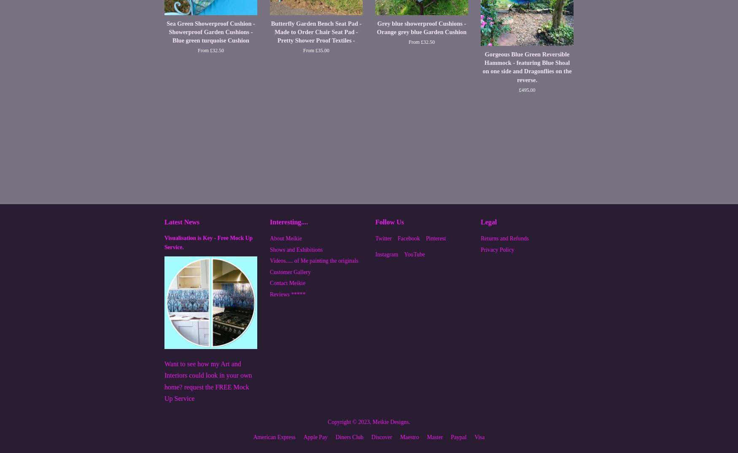 This screenshot has height=453, width=738. What do you see at coordinates (315, 437) in the screenshot?
I see `'apple pay'` at bounding box center [315, 437].